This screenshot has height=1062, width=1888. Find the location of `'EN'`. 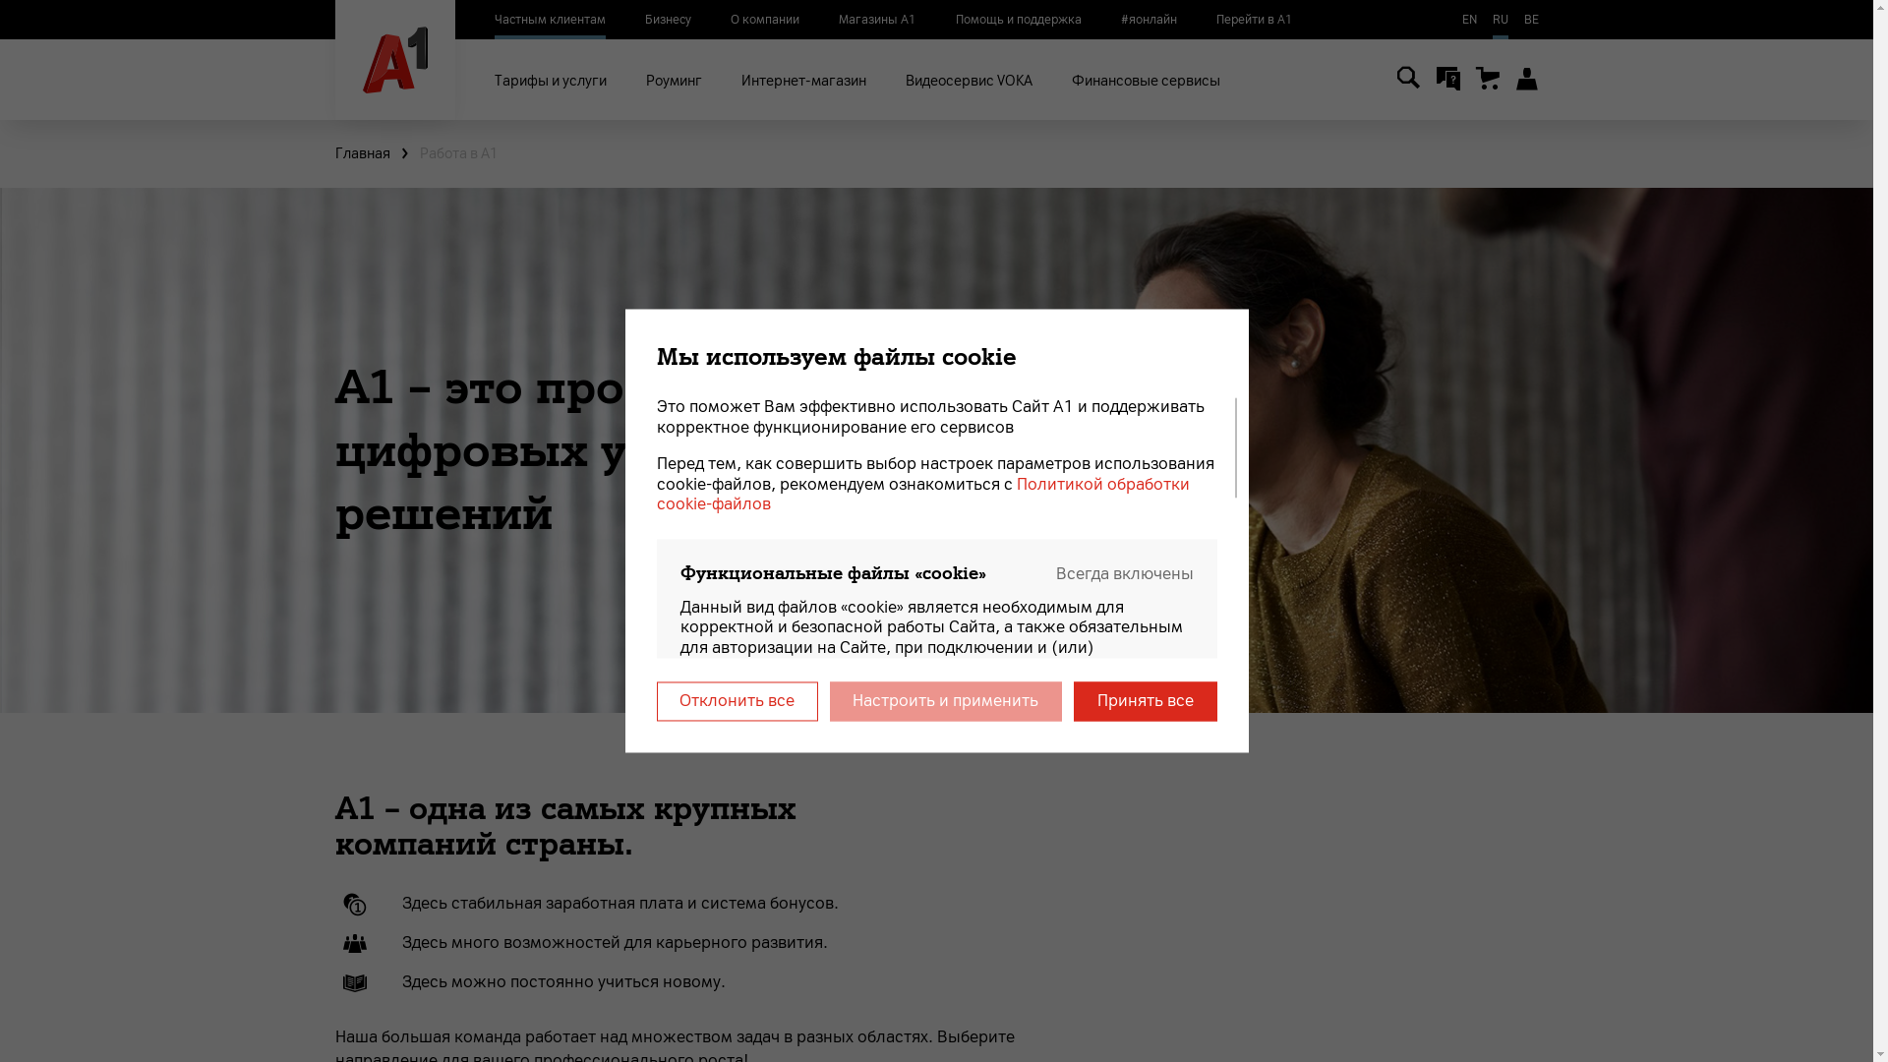

'EN' is located at coordinates (1468, 19).